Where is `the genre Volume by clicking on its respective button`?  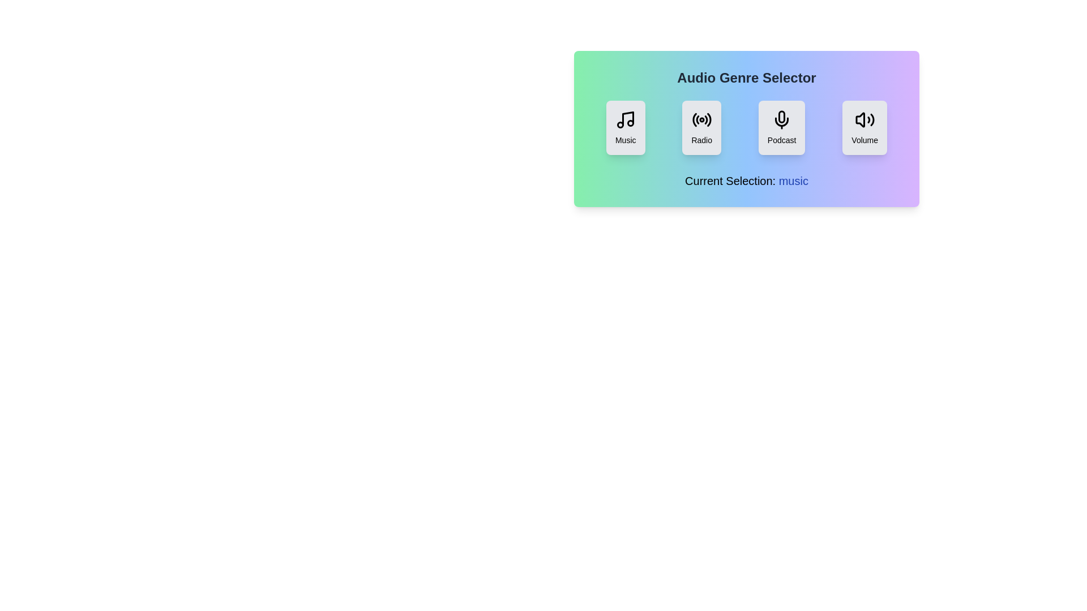 the genre Volume by clicking on its respective button is located at coordinates (864, 127).